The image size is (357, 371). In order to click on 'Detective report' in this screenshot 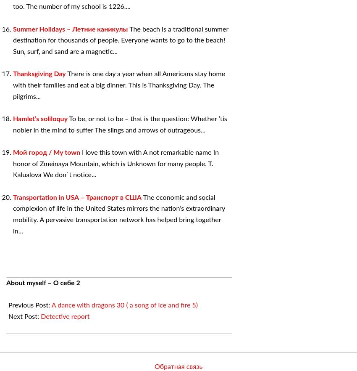, I will do `click(65, 316)`.